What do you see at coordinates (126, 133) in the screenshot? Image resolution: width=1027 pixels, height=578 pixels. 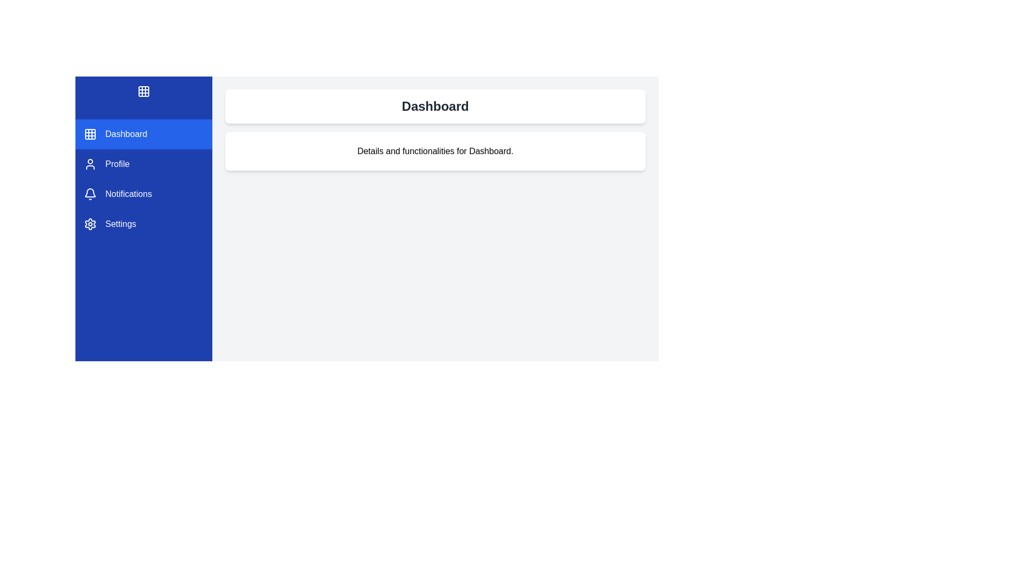 I see `the 'Dashboard' text label on the left side of the vertical navigation menu` at bounding box center [126, 133].